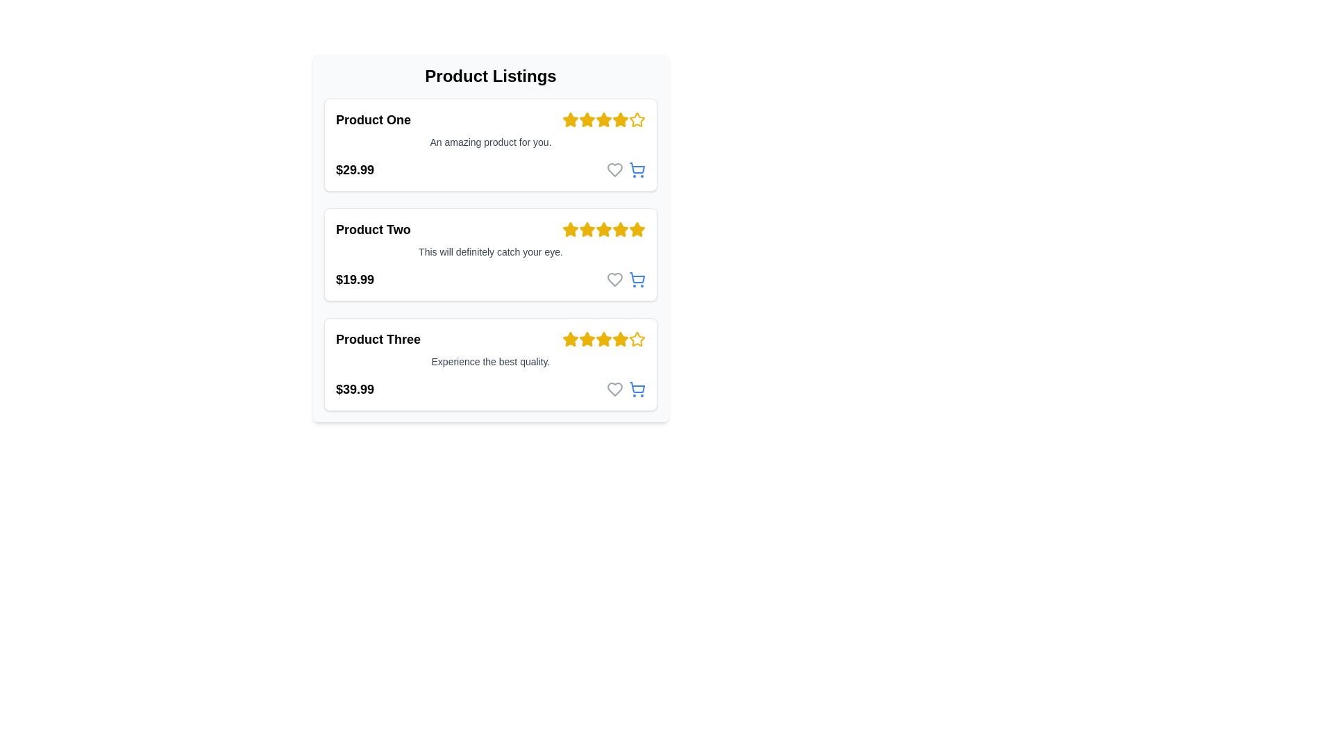  I want to click on the fifth star icon in the rating system for 'Product Two', so click(636, 228).